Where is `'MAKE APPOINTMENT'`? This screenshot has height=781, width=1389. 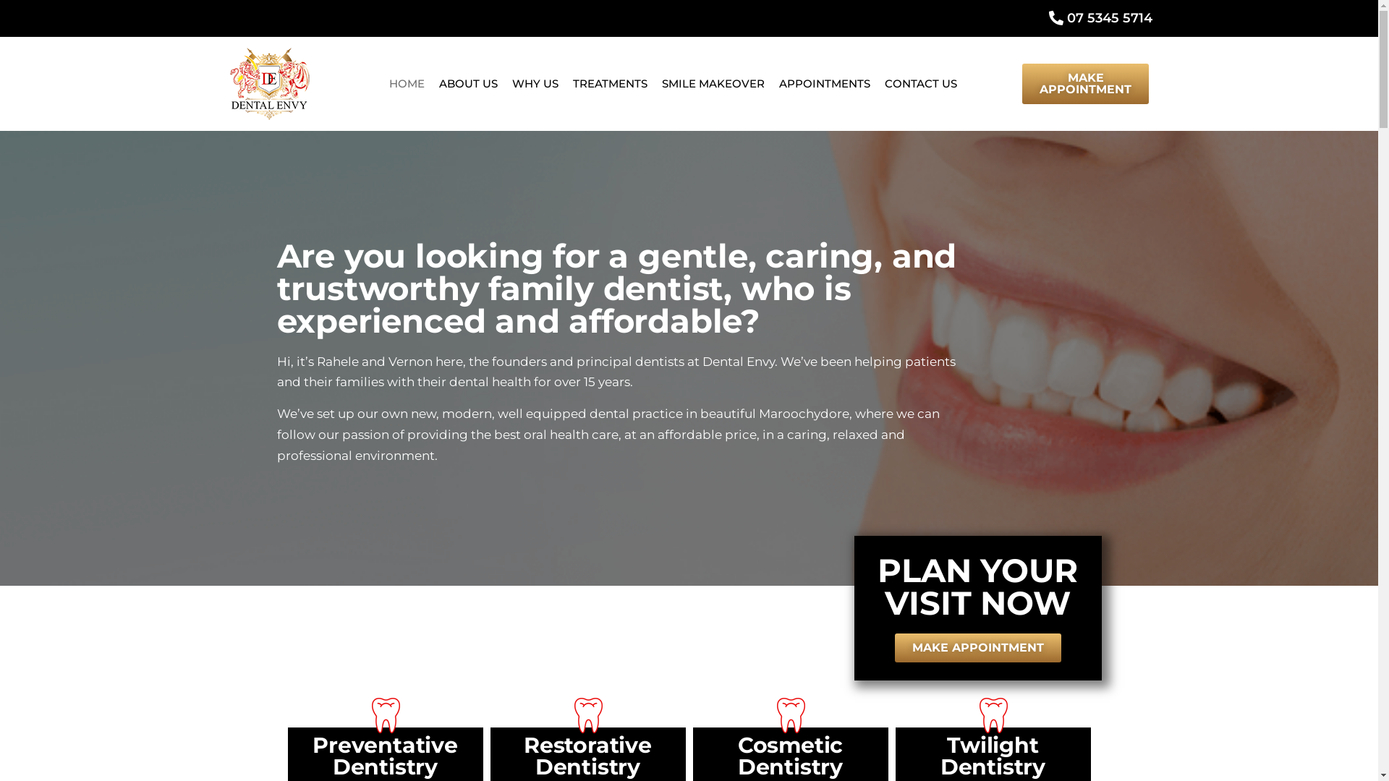 'MAKE APPOINTMENT' is located at coordinates (977, 646).